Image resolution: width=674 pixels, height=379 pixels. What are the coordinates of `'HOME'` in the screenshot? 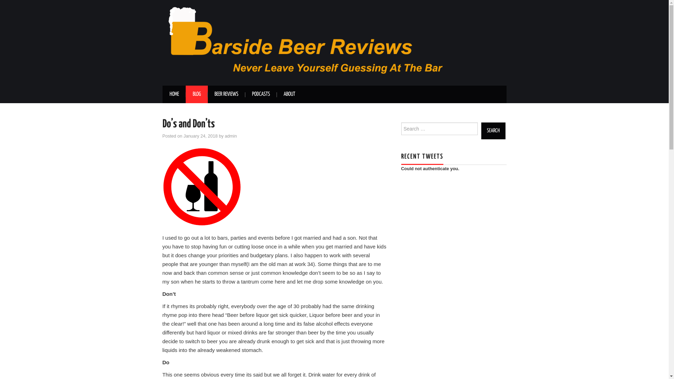 It's located at (161, 94).